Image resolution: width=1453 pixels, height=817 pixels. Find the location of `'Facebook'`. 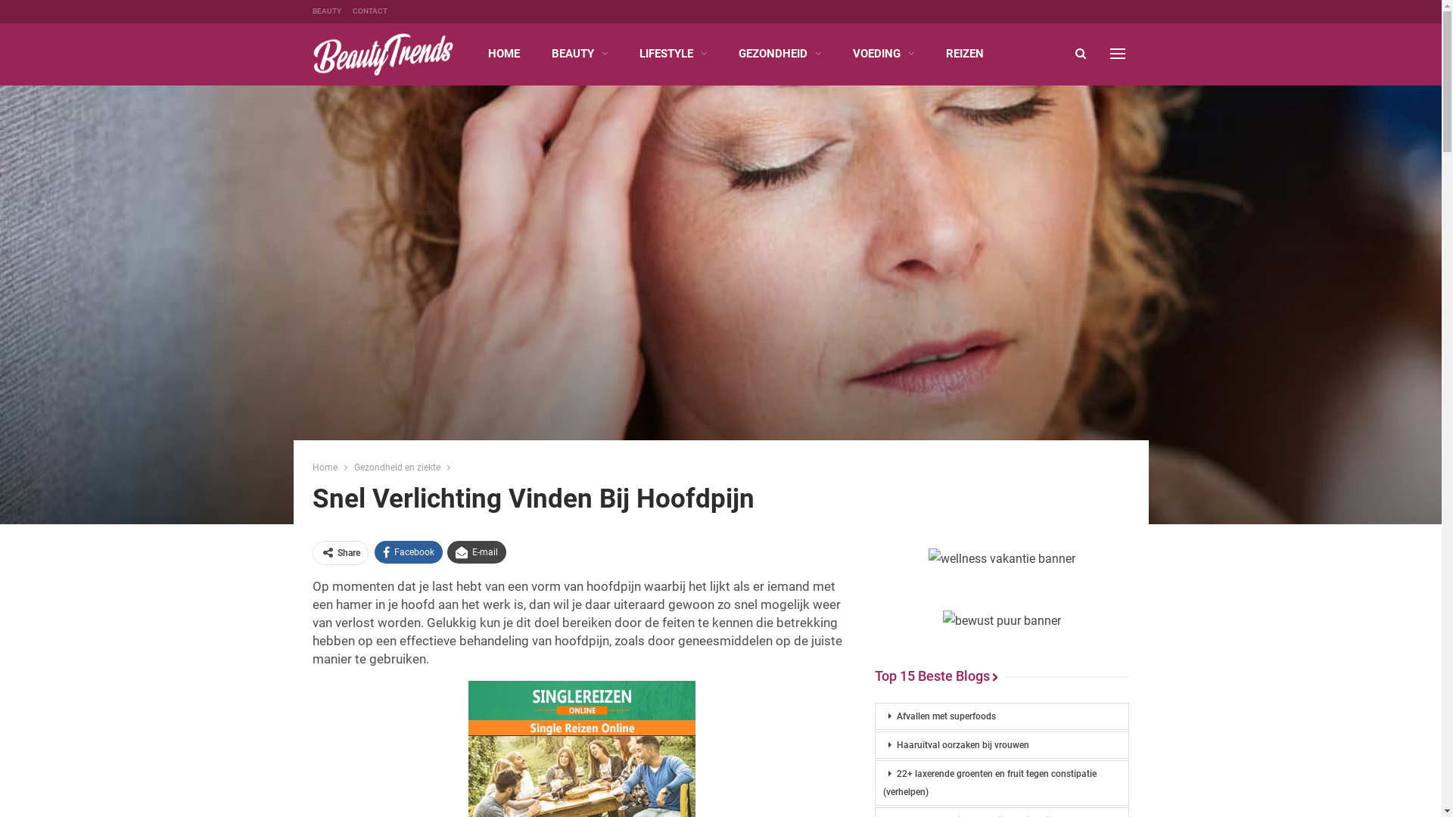

'Facebook' is located at coordinates (407, 551).